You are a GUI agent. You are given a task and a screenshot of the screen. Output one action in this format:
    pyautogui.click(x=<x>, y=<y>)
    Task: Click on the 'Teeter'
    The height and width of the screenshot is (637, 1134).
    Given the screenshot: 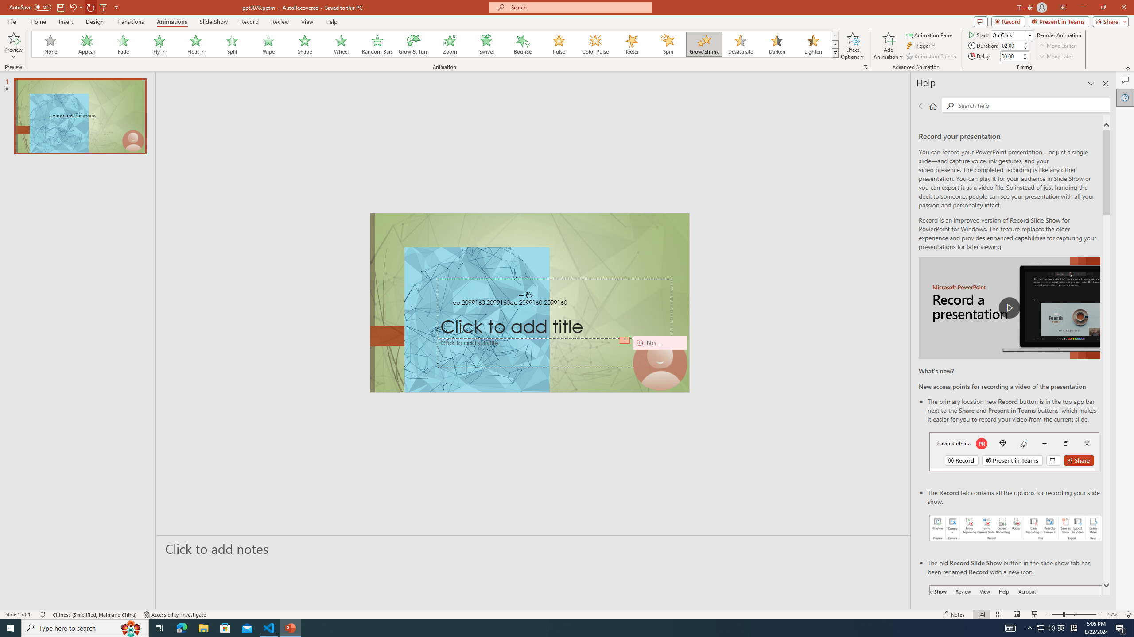 What is the action you would take?
    pyautogui.click(x=631, y=44)
    